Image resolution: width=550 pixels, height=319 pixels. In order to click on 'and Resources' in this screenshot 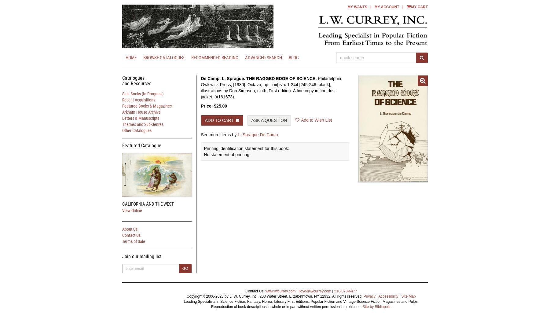, I will do `click(122, 83)`.